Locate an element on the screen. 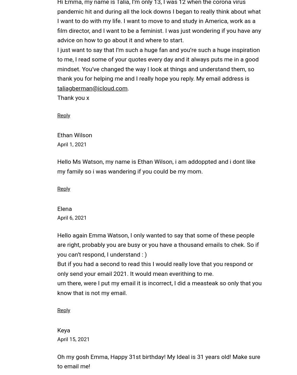 This screenshot has height=375, width=297. 'April 15, 2021' is located at coordinates (73, 339).